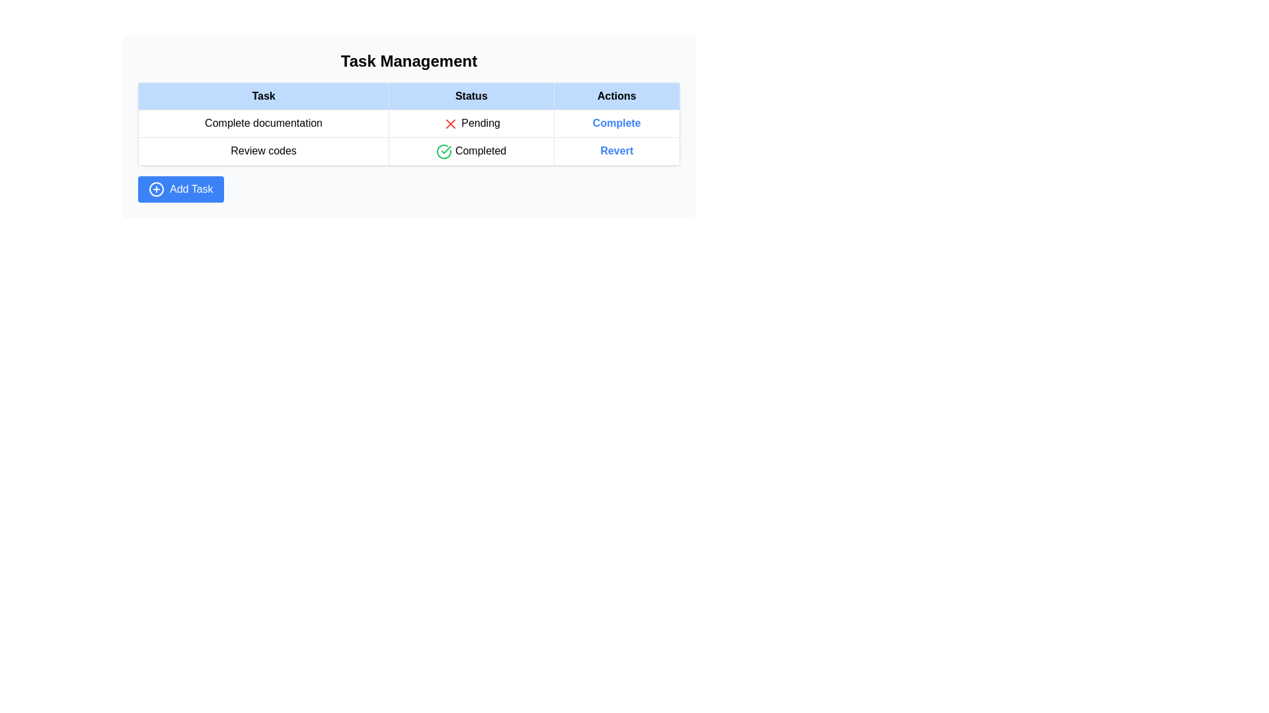 The height and width of the screenshot is (713, 1269). What do you see at coordinates (180, 189) in the screenshot?
I see `the blue 'Add Task' button with rounded corners located in the bottom-left area of the 'Task Management' section` at bounding box center [180, 189].